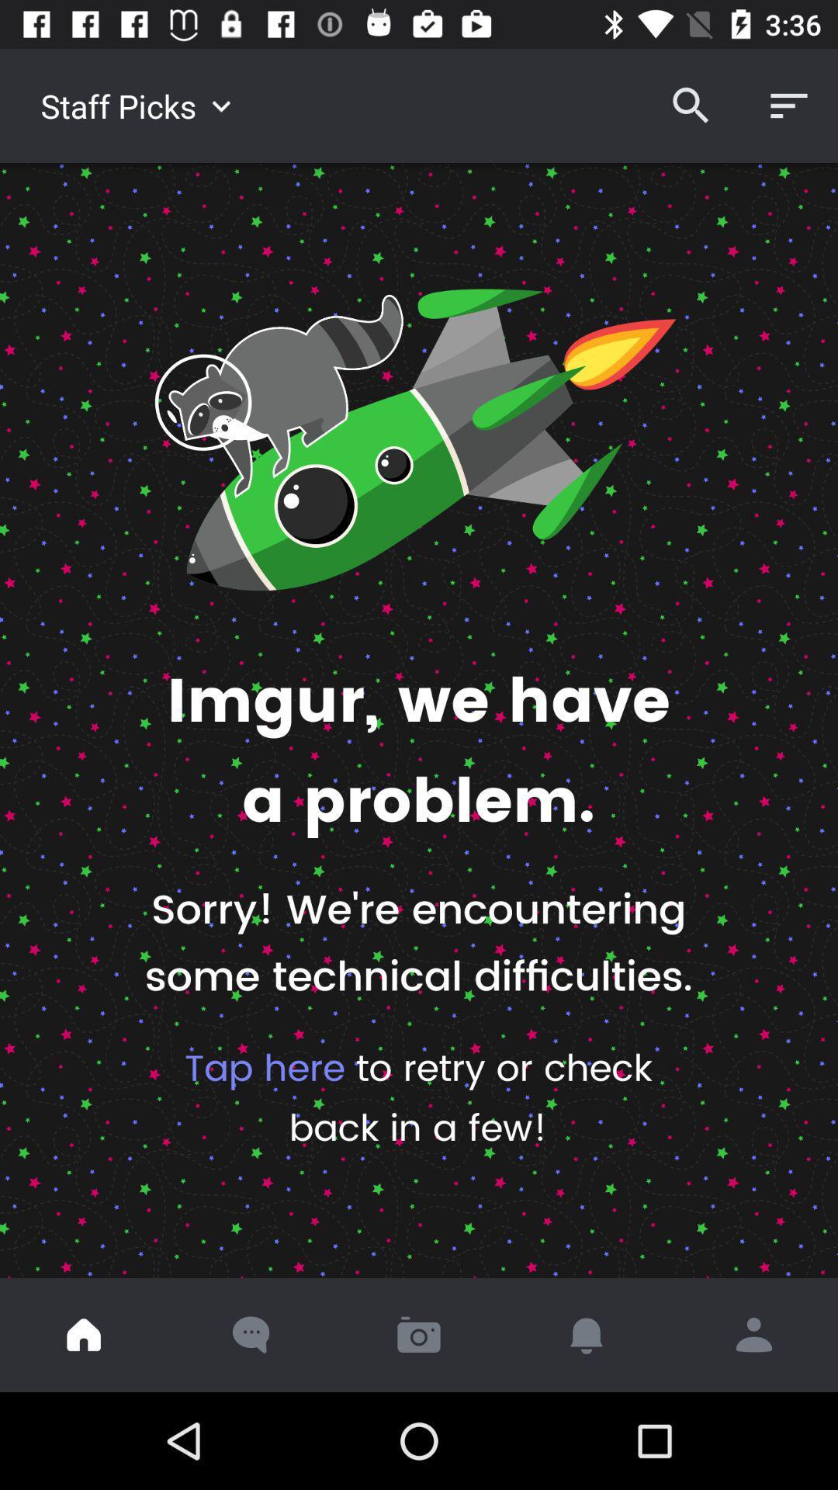 Image resolution: width=838 pixels, height=1490 pixels. What do you see at coordinates (419, 1334) in the screenshot?
I see `take a picture` at bounding box center [419, 1334].